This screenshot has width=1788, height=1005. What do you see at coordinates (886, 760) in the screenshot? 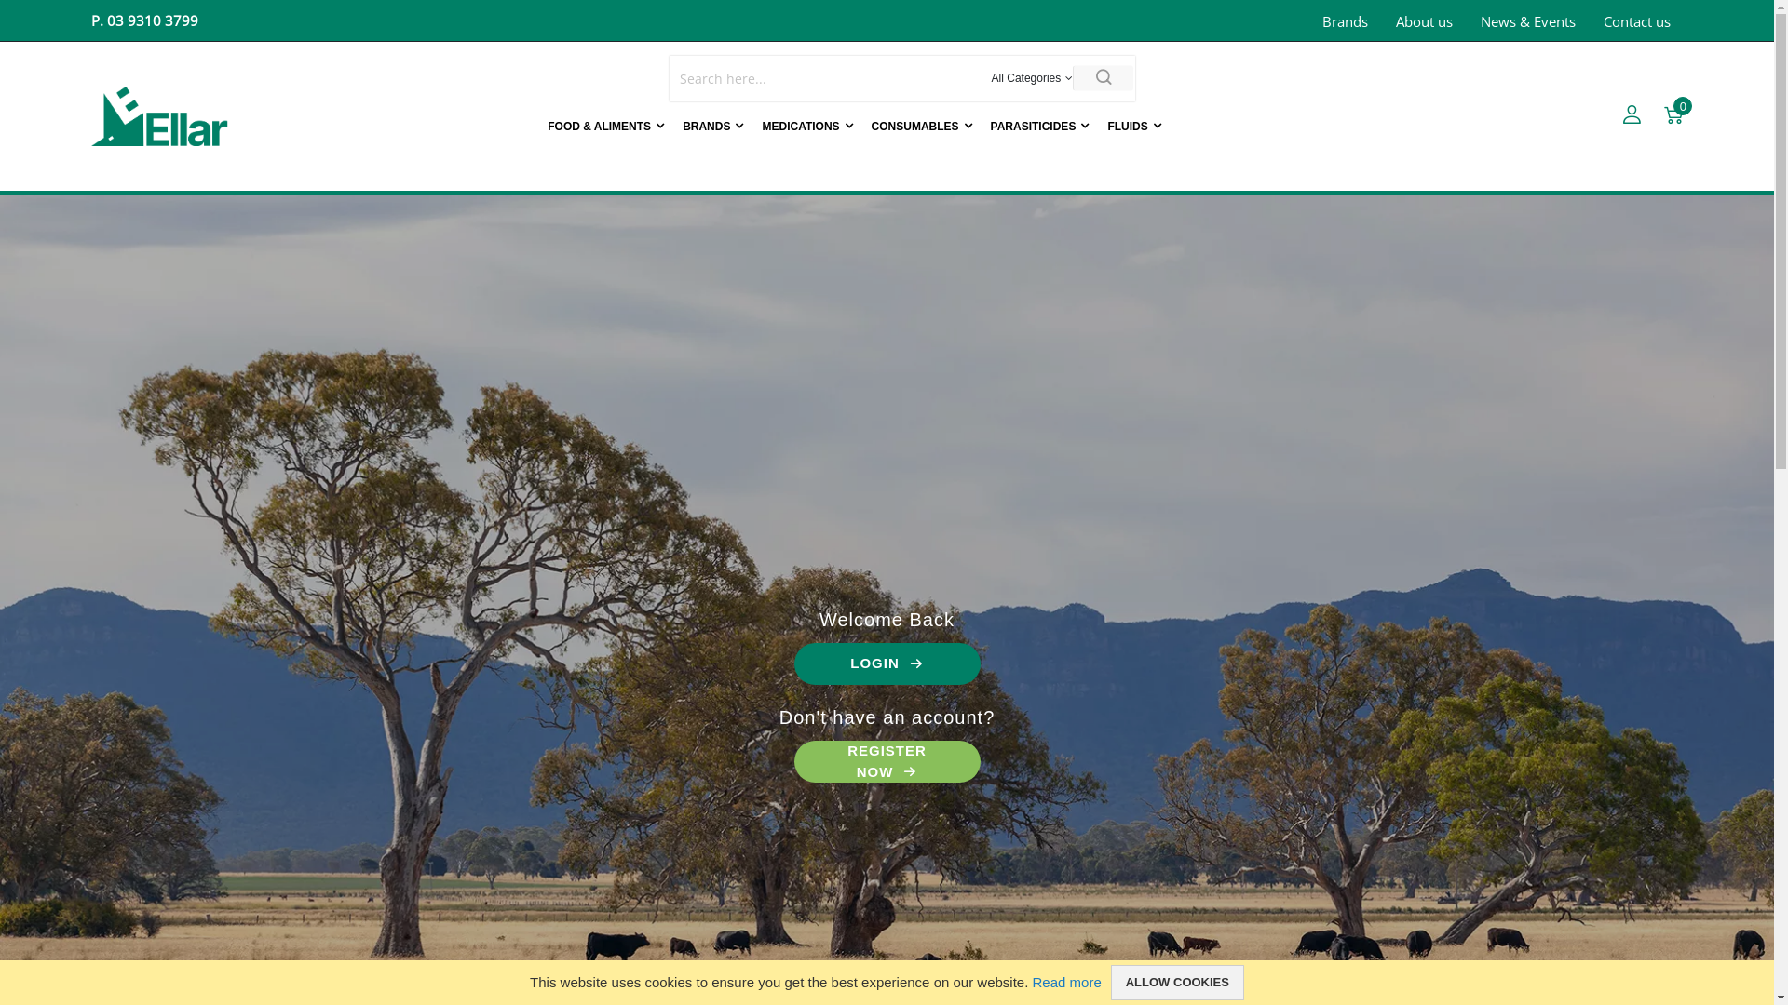
I see `'REGISTER NOW'` at bounding box center [886, 760].